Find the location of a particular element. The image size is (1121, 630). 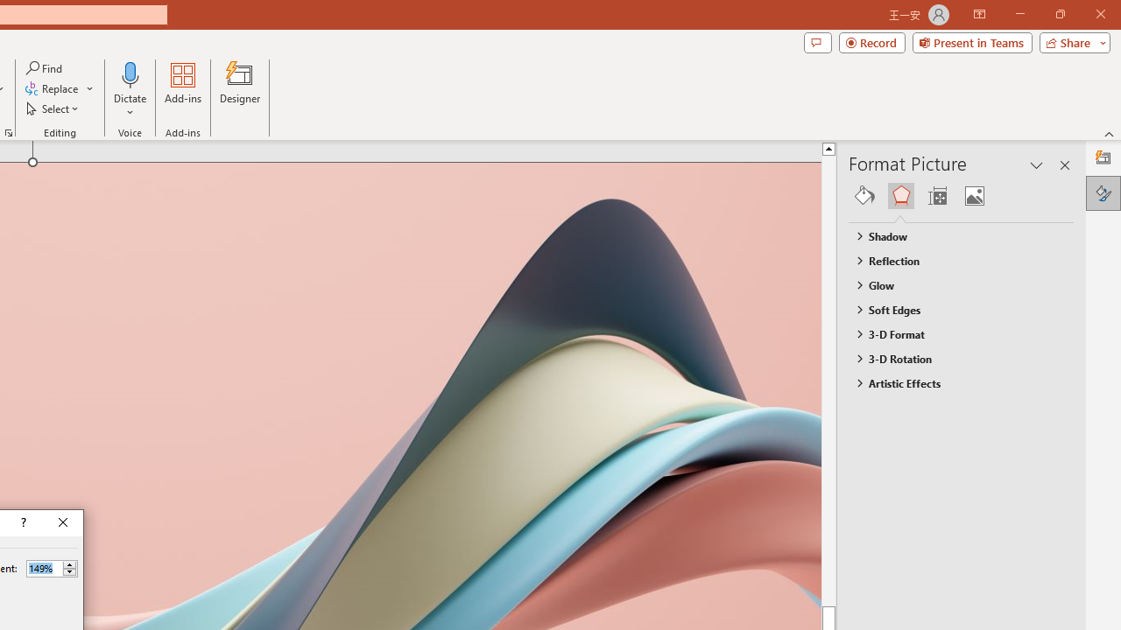

'Replace...' is located at coordinates (53, 88).